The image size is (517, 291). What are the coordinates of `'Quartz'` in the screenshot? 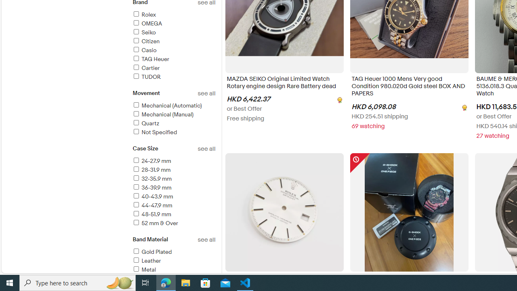 It's located at (145, 123).